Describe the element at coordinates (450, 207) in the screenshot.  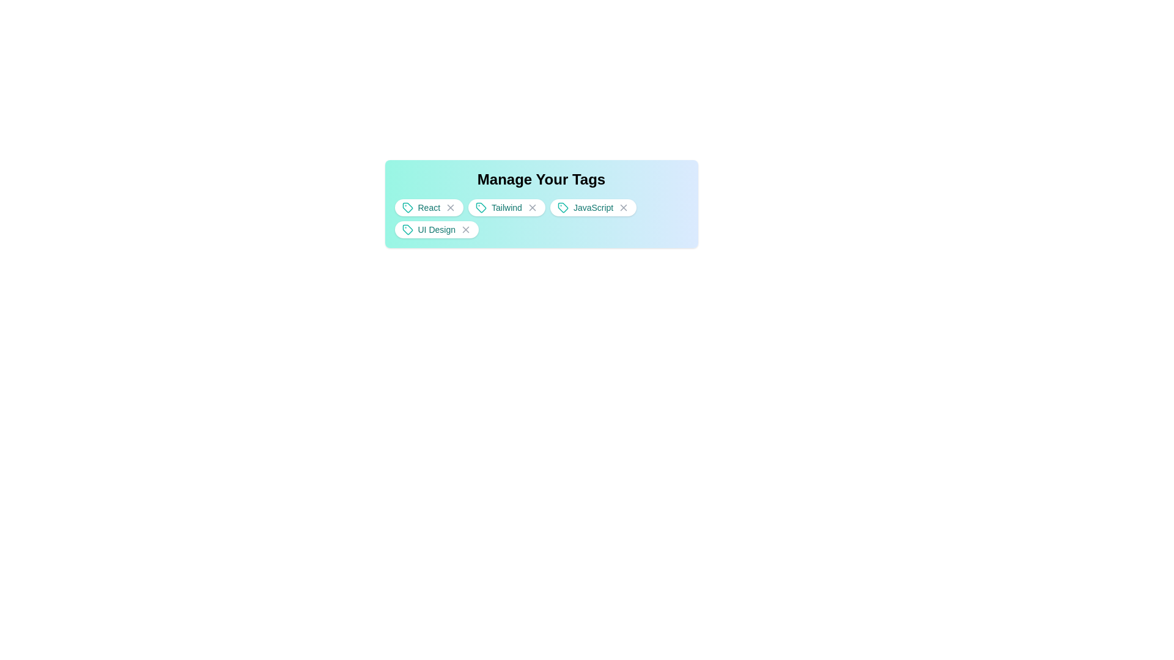
I see `the tag React by clicking its close button` at that location.